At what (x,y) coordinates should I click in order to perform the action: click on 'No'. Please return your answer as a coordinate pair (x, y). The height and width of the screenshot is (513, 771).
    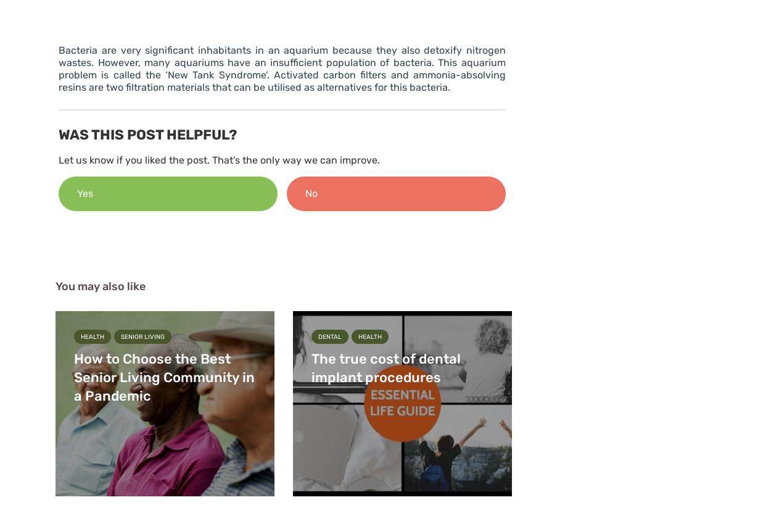
    Looking at the image, I should click on (311, 193).